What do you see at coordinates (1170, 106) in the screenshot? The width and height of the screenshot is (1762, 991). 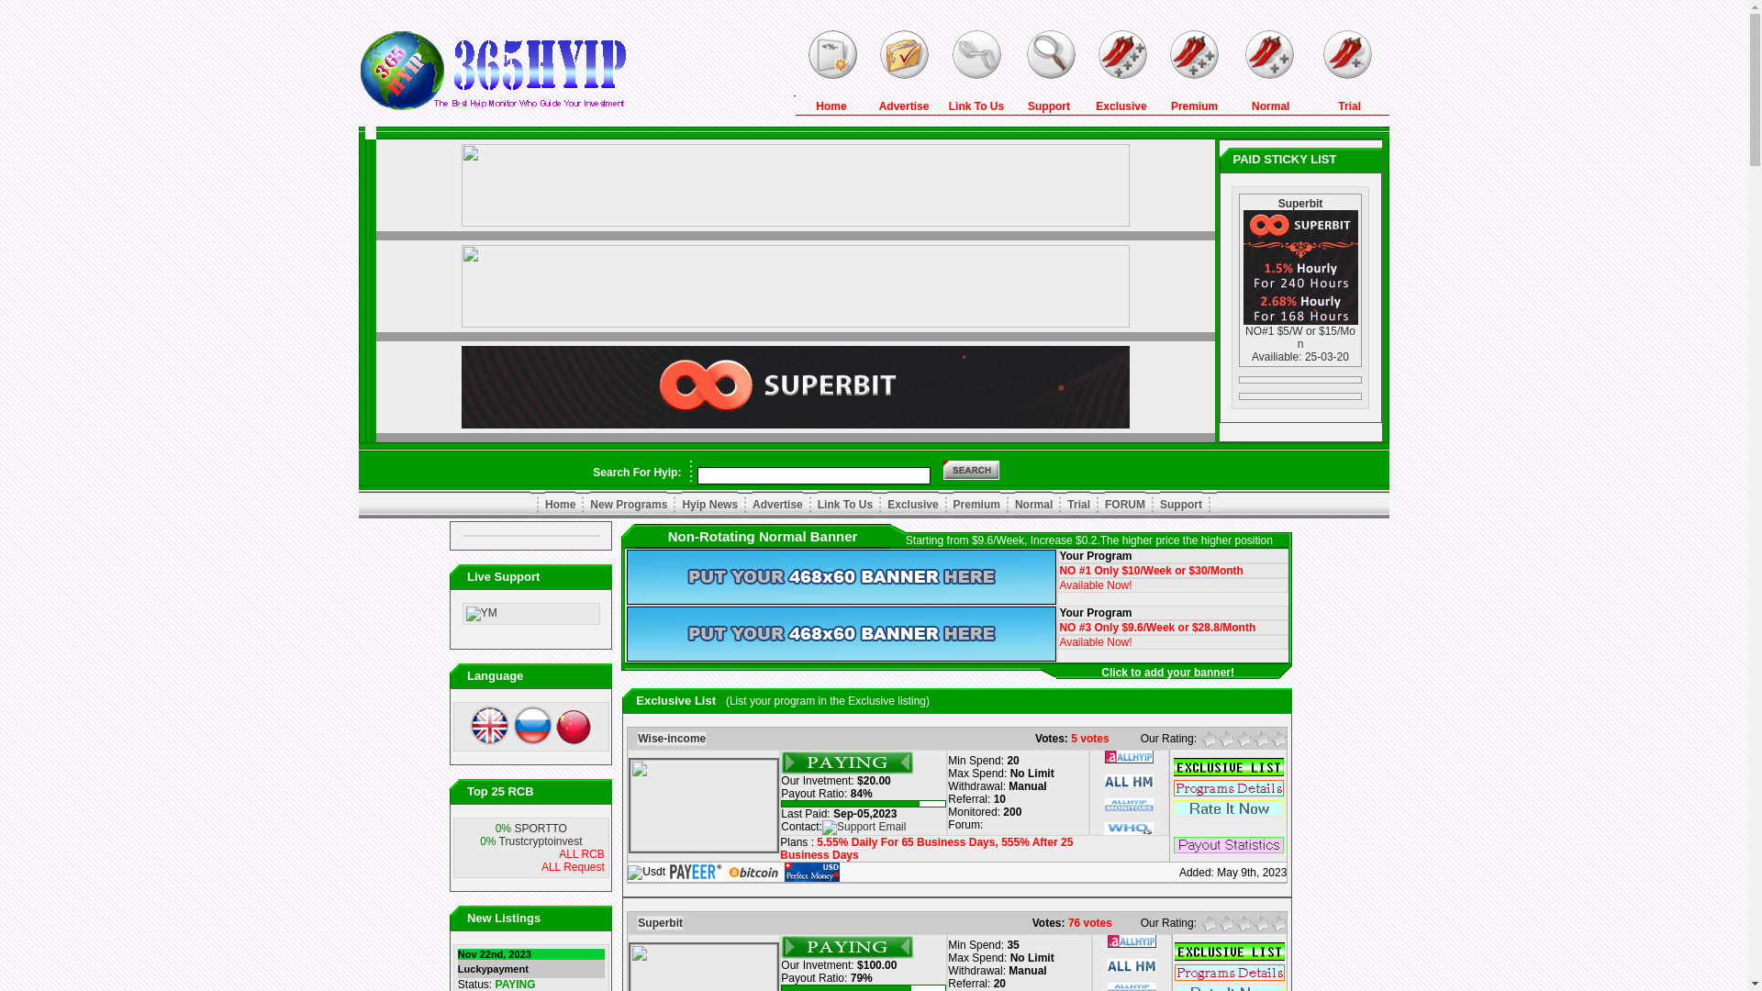 I see `'Premium'` at bounding box center [1170, 106].